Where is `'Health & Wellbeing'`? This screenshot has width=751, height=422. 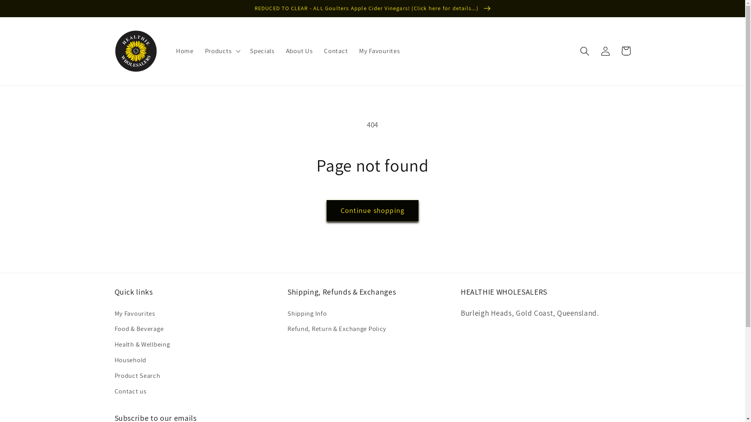 'Health & Wellbeing' is located at coordinates (142, 344).